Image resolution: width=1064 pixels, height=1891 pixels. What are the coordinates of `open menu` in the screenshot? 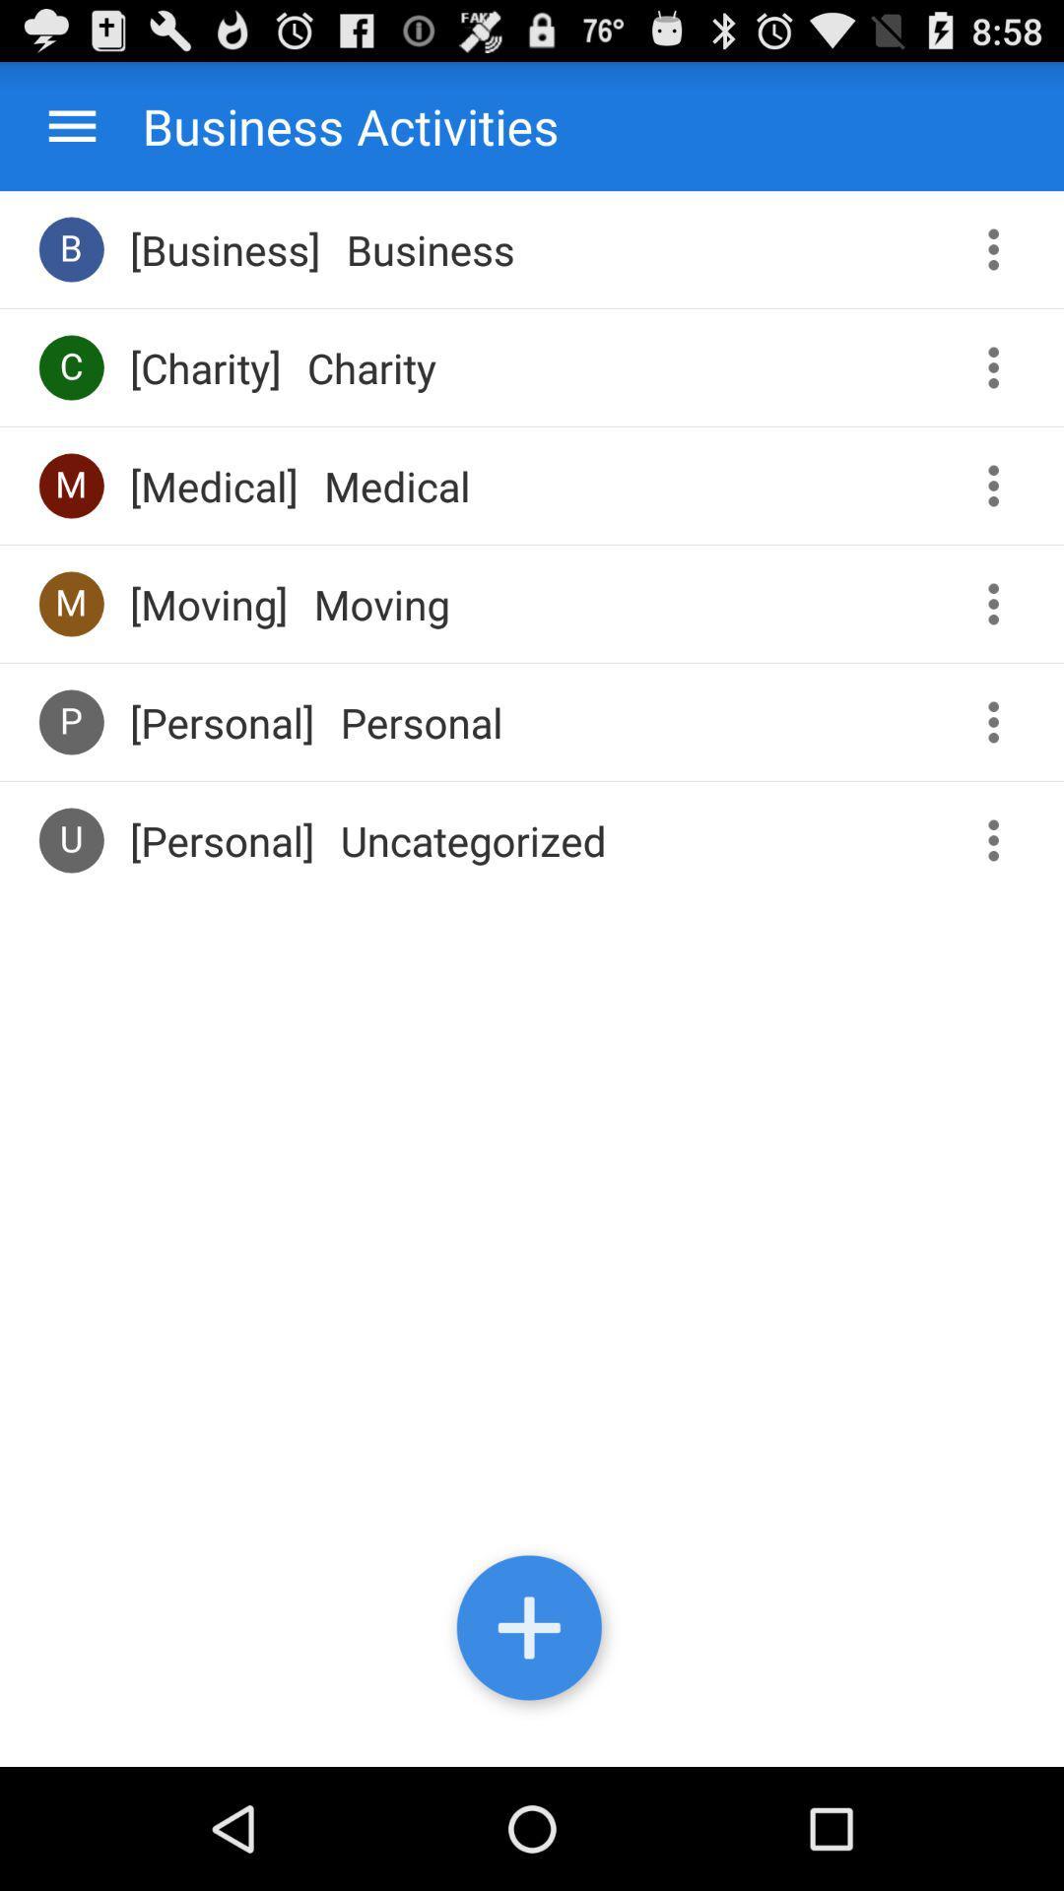 It's located at (71, 125).